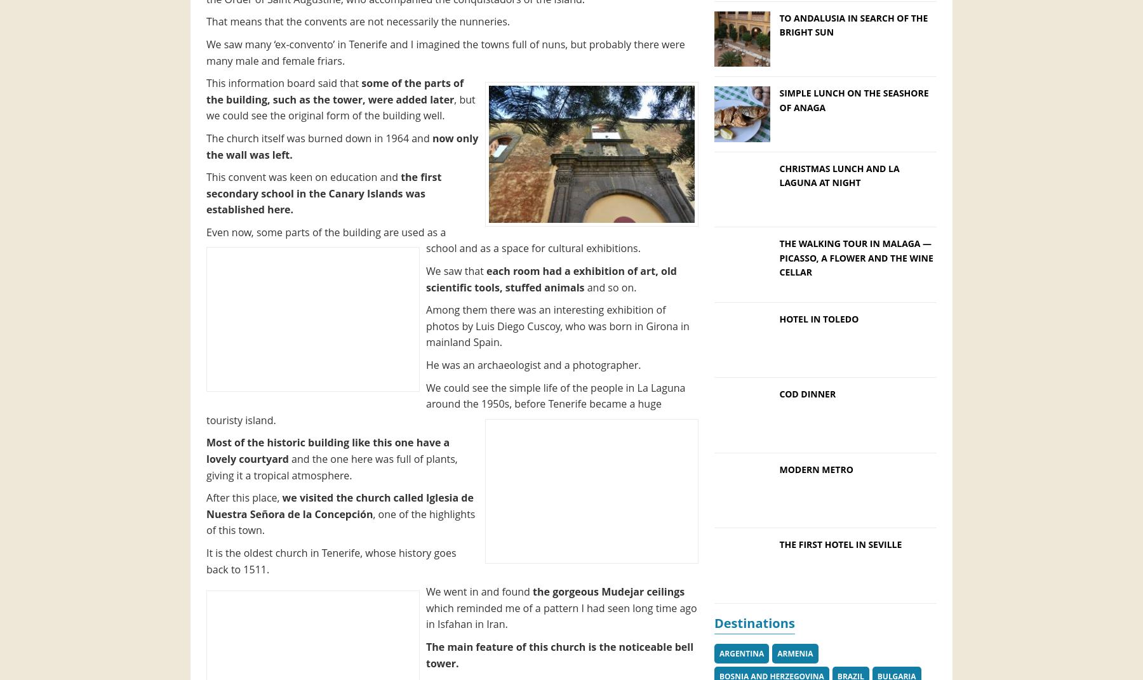 Image resolution: width=1143 pixels, height=680 pixels. What do you see at coordinates (330, 561) in the screenshot?
I see `'It is the oldest church in Tenerife, whose history goes back to 1511.'` at bounding box center [330, 561].